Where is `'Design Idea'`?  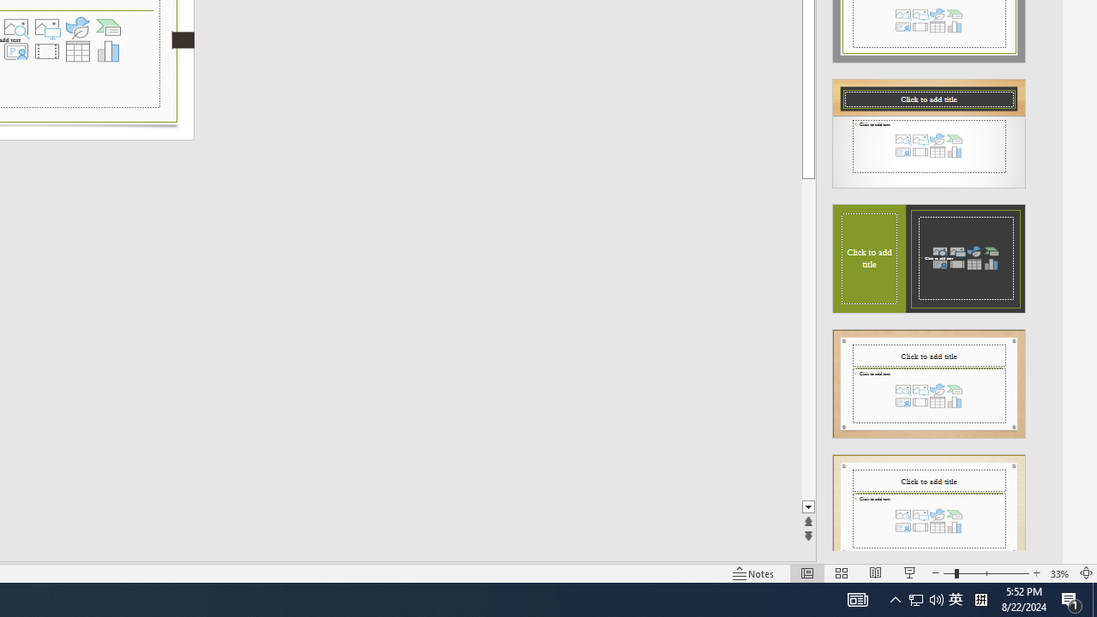
'Design Idea' is located at coordinates (928, 502).